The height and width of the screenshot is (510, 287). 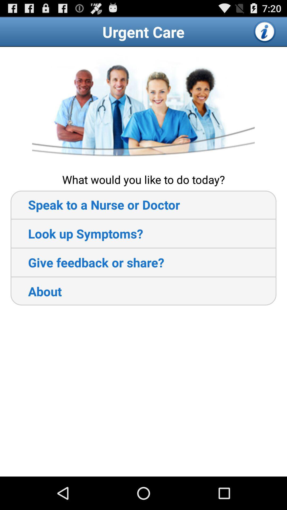 What do you see at coordinates (265, 31) in the screenshot?
I see `information` at bounding box center [265, 31].